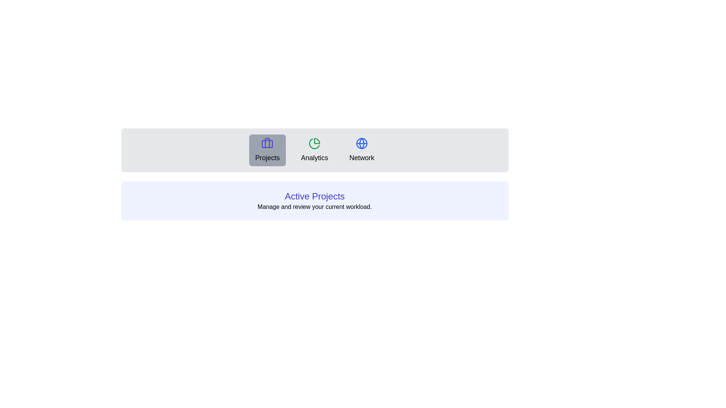  What do you see at coordinates (361, 150) in the screenshot?
I see `the Network tab by clicking on its button` at bounding box center [361, 150].